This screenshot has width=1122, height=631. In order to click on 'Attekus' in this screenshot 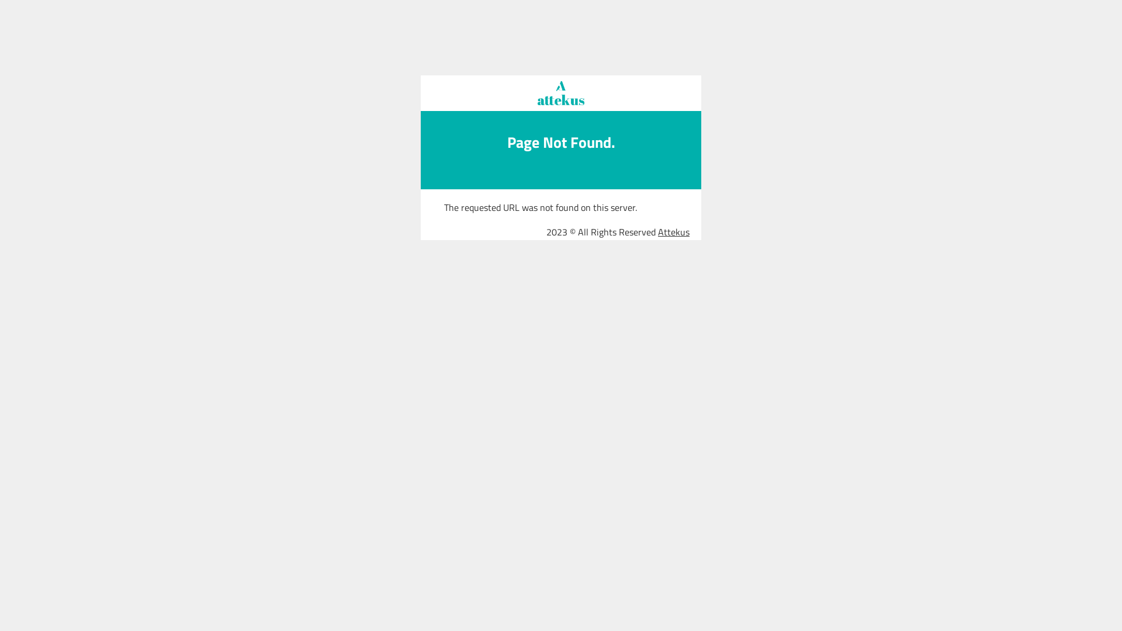, I will do `click(673, 232)`.